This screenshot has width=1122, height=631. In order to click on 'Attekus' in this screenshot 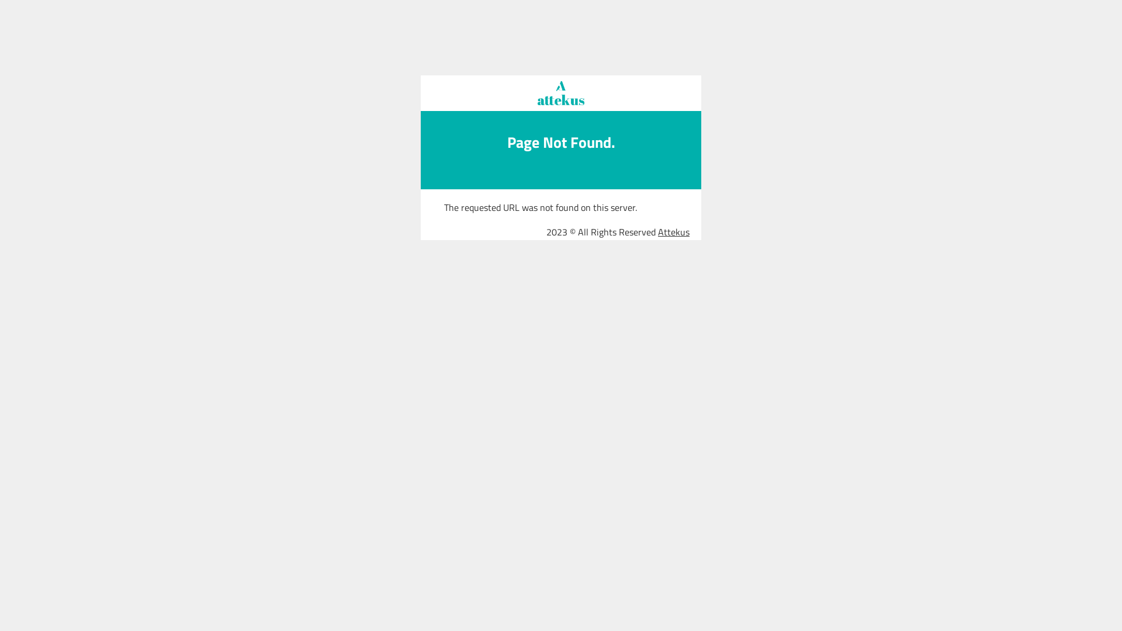, I will do `click(673, 232)`.